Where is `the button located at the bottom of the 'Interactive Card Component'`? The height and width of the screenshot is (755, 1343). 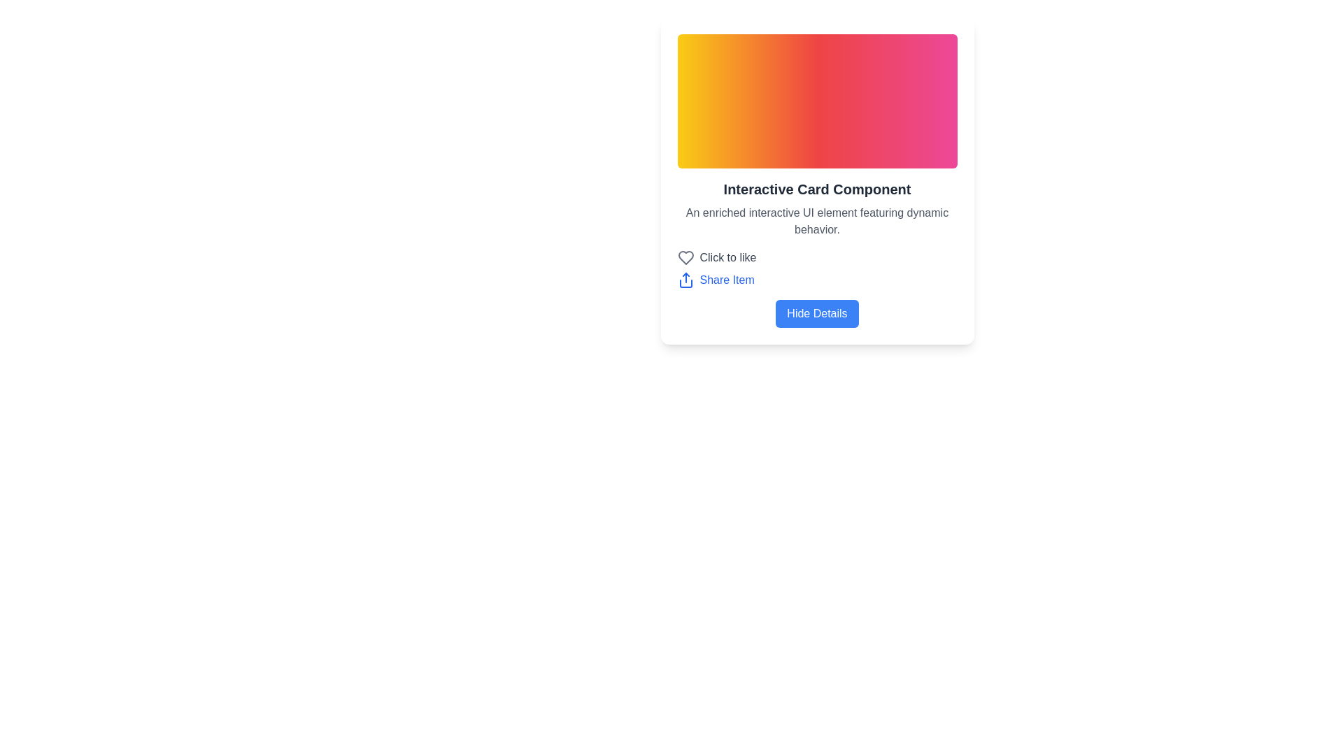
the button located at the bottom of the 'Interactive Card Component' is located at coordinates (817, 312).